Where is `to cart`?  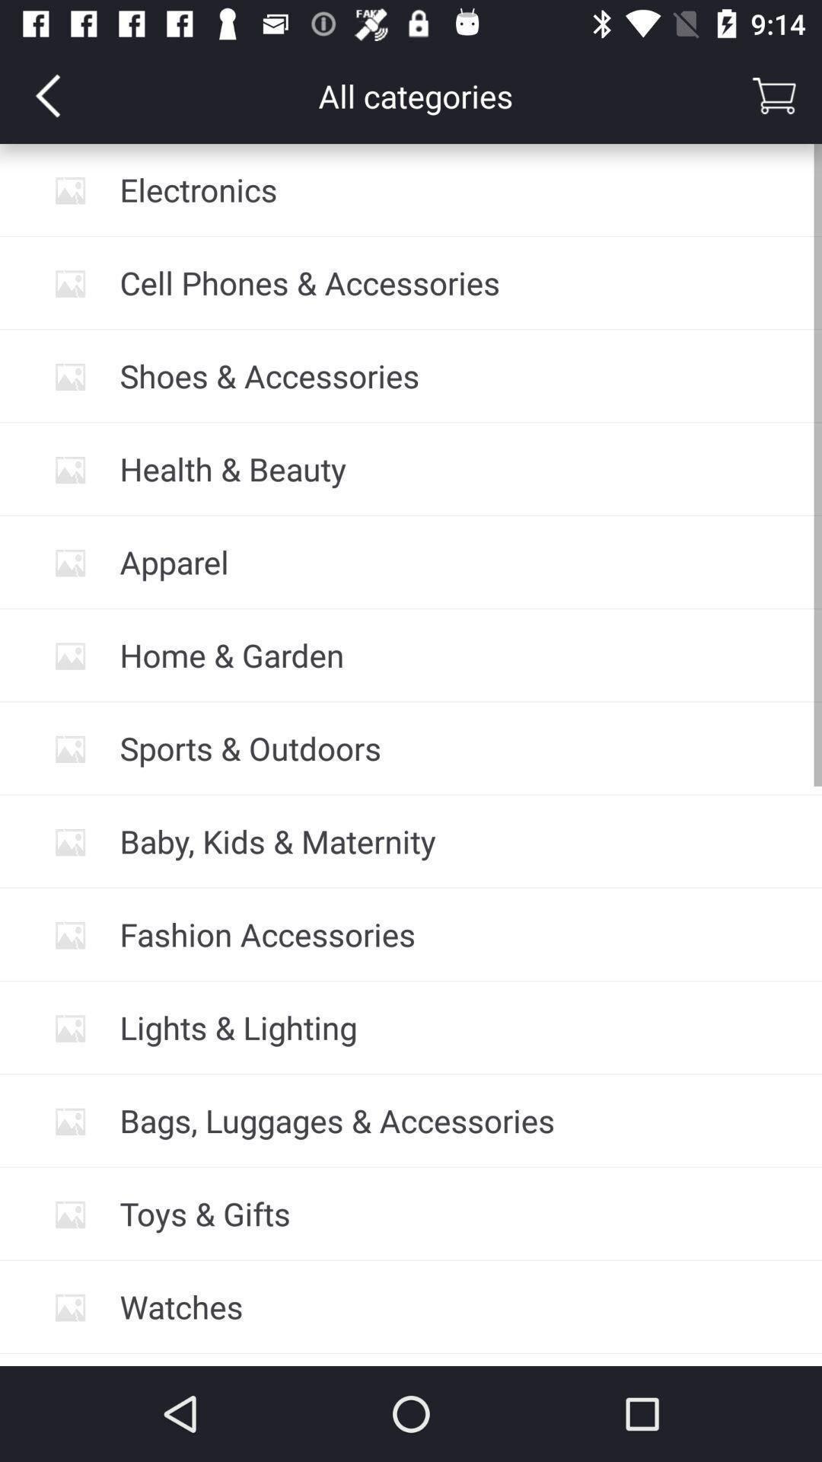 to cart is located at coordinates (774, 94).